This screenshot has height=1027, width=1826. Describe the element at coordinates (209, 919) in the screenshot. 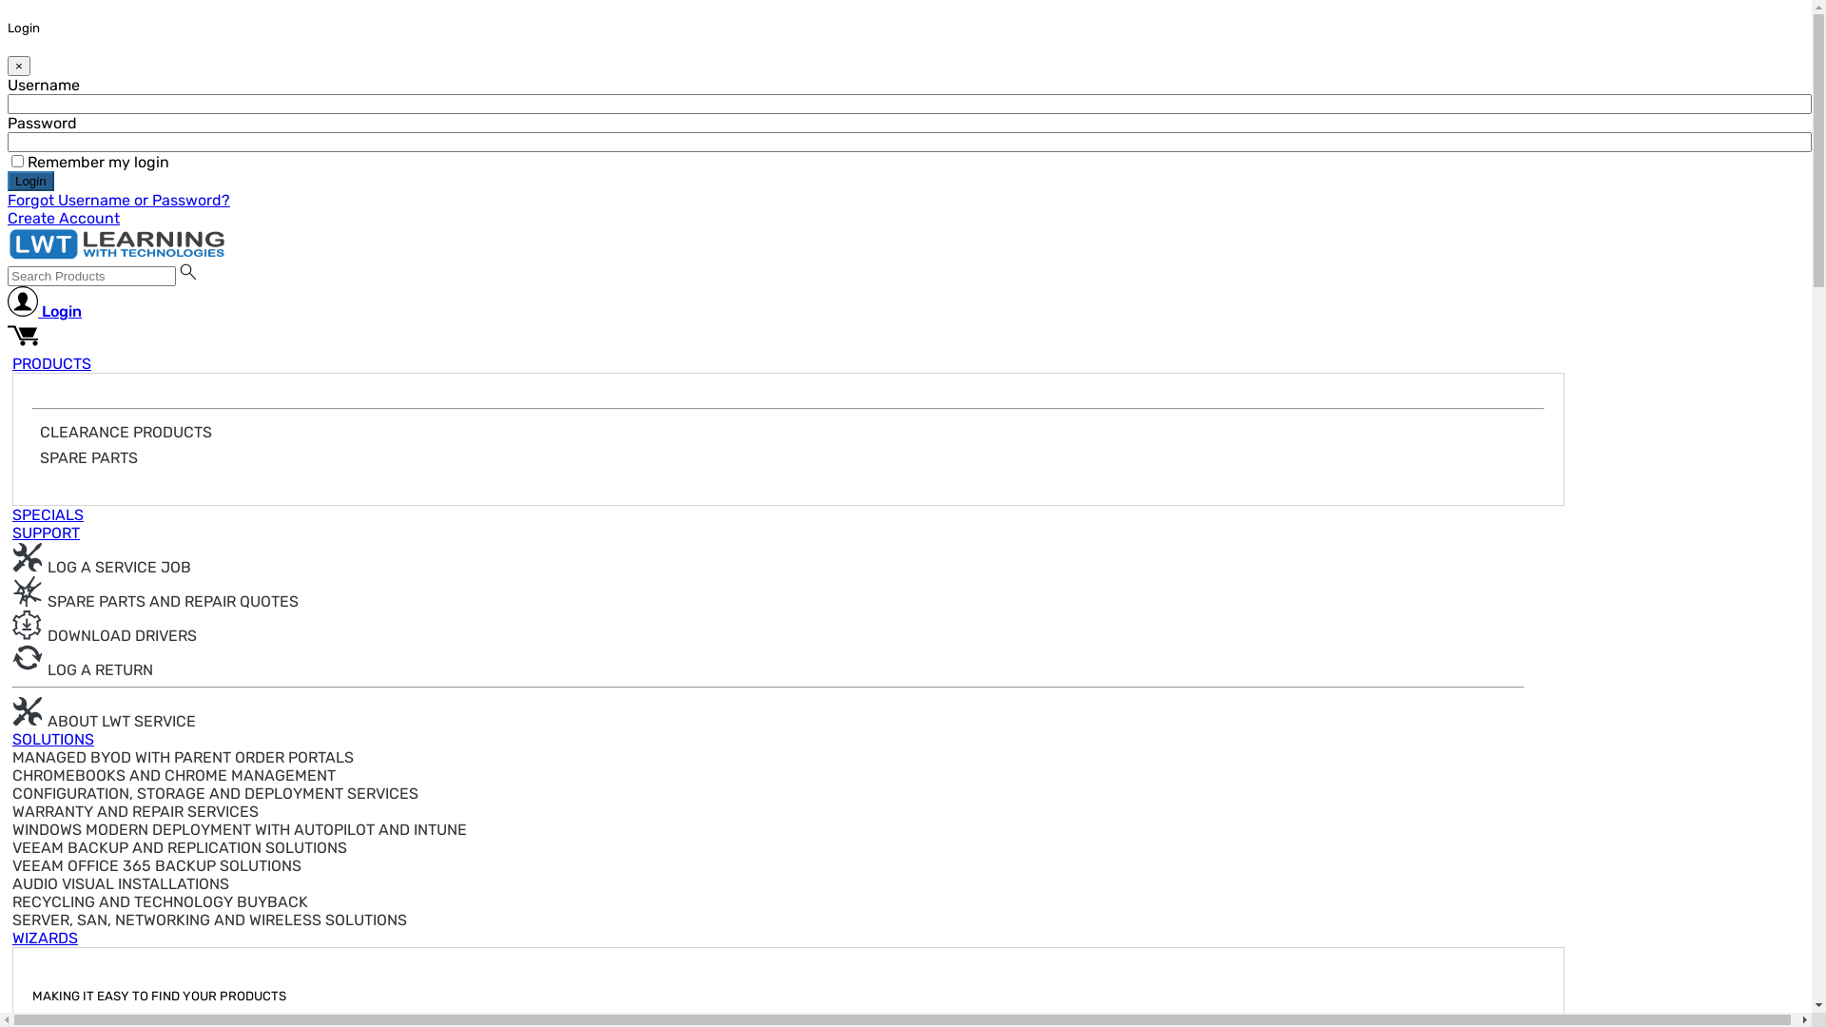

I see `'SERVER, SAN, NETWORKING AND WIRELESS SOLUTIONS'` at that location.